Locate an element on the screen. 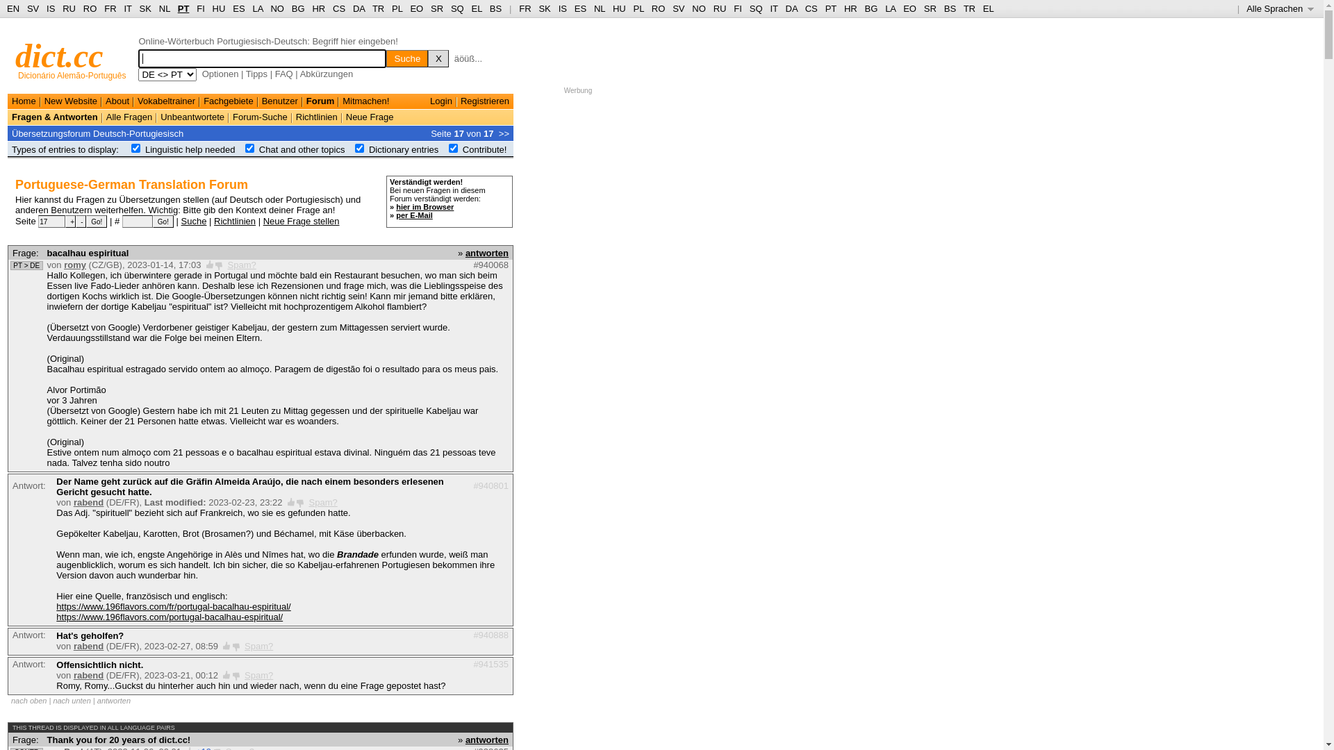 The width and height of the screenshot is (1334, 750). 'Chat and other topics' is located at coordinates (302, 149).